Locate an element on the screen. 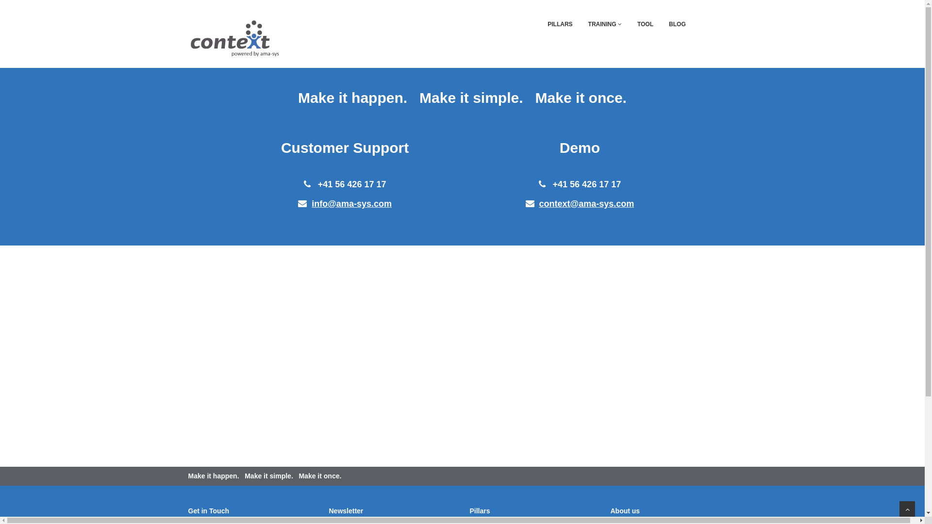 The height and width of the screenshot is (524, 932). 'BLOG' is located at coordinates (677, 24).